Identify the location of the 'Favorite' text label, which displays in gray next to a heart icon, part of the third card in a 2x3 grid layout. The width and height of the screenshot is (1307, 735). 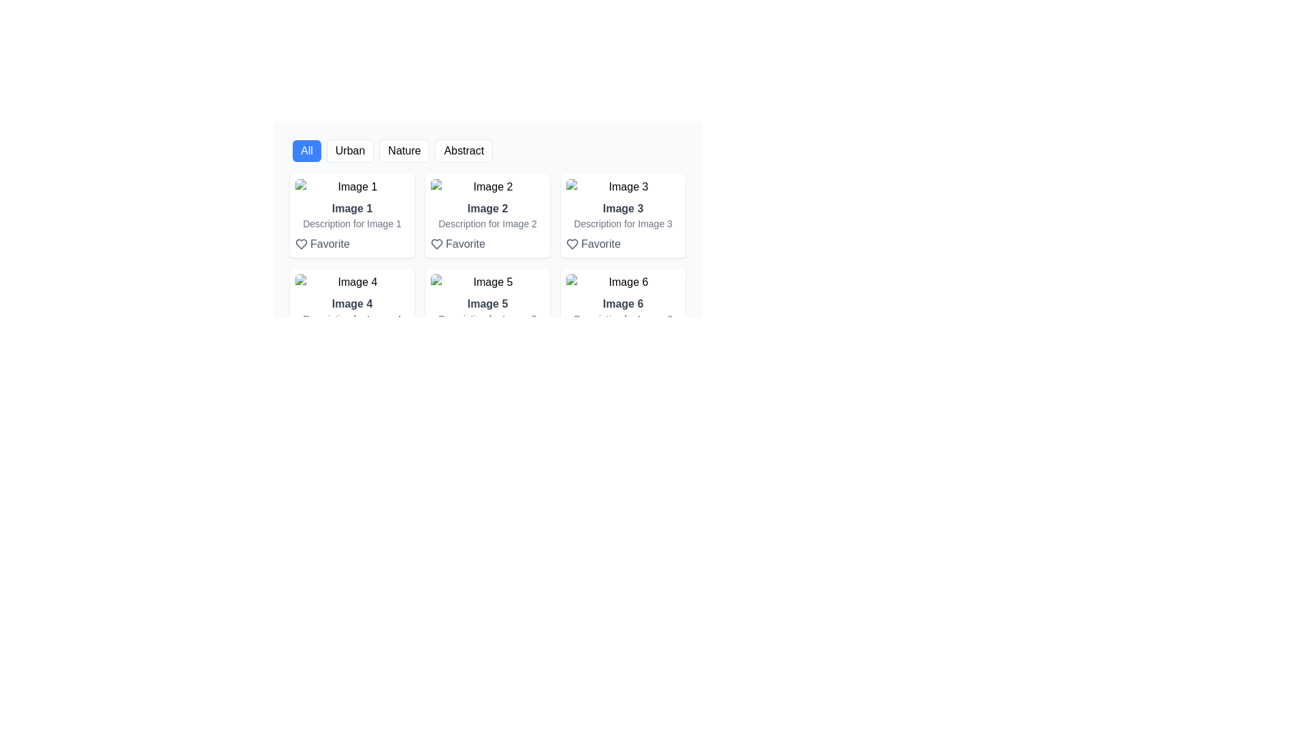
(600, 243).